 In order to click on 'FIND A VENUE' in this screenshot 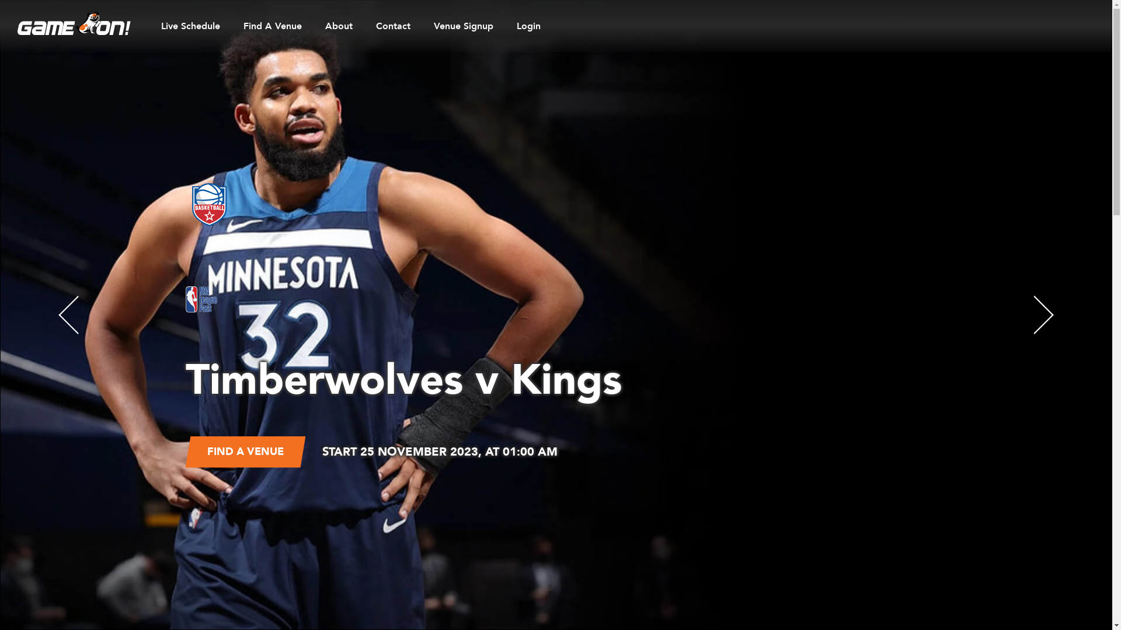, I will do `click(245, 452)`.